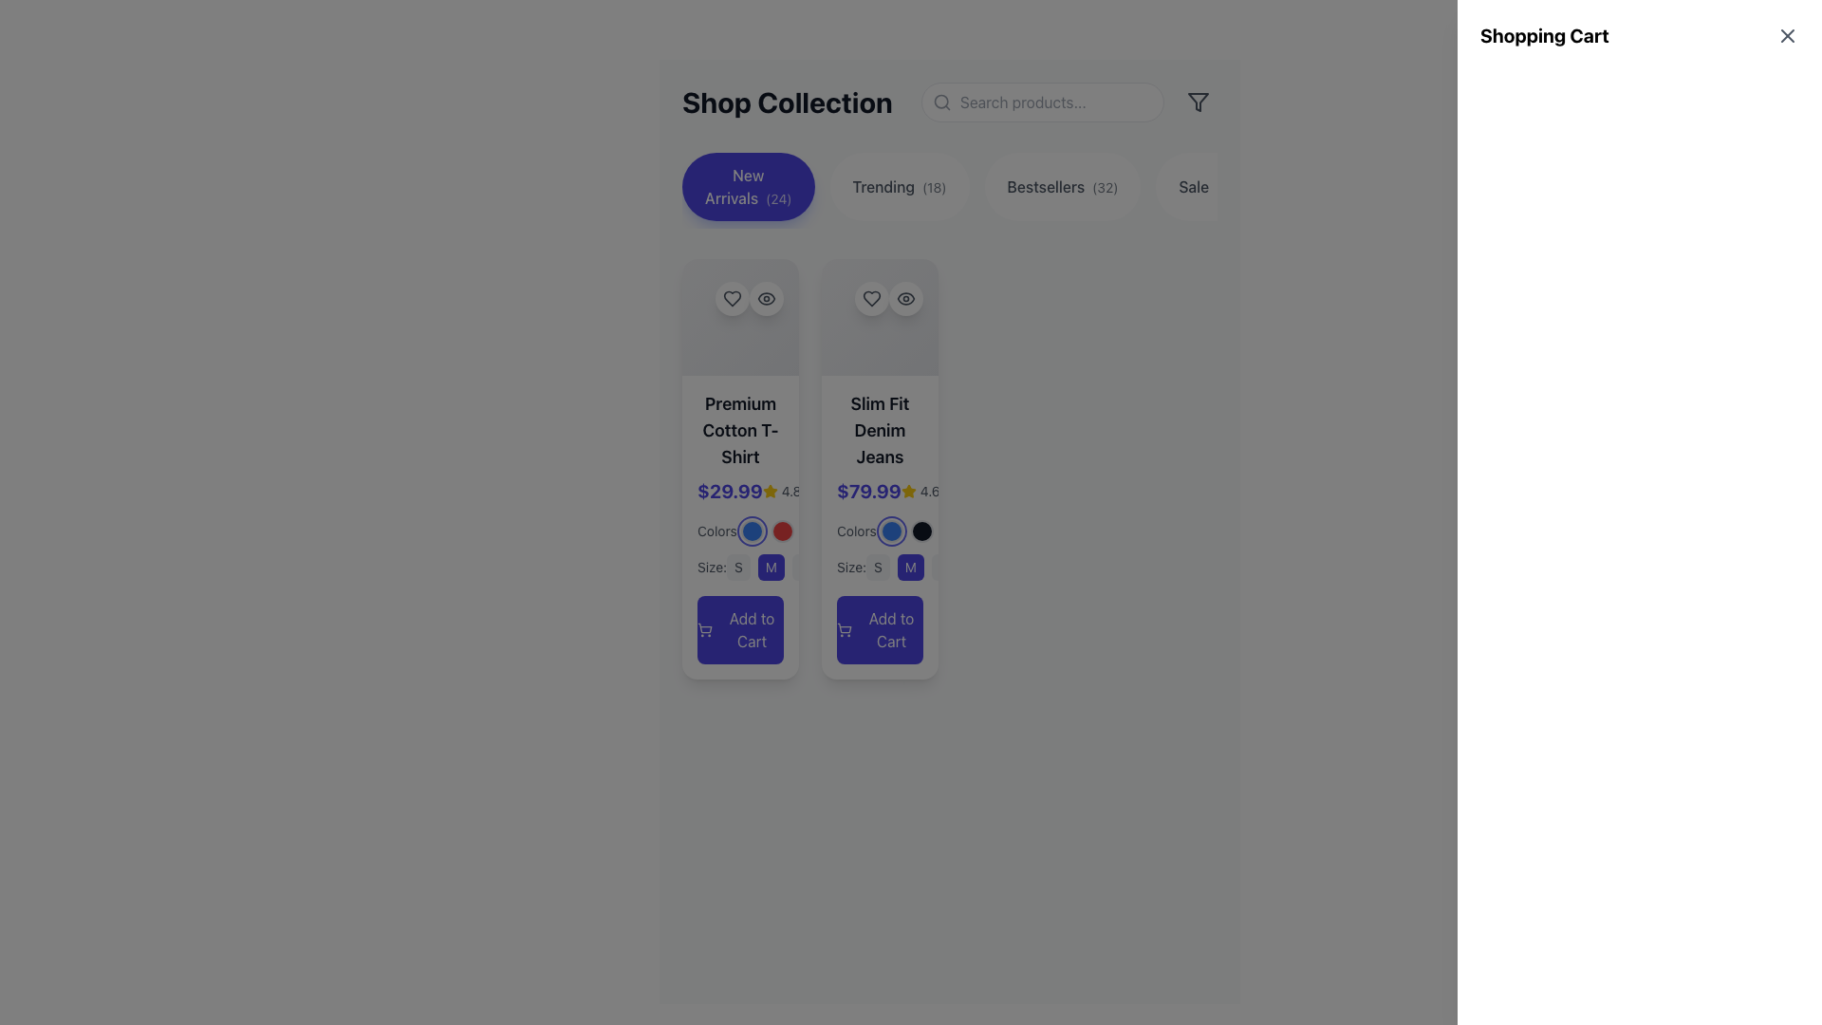 Image resolution: width=1822 pixels, height=1025 pixels. I want to click on the text label displaying 'Size:' which is styled in gray color and located before the size options in the product description section of the rightmost product card, so click(711, 566).